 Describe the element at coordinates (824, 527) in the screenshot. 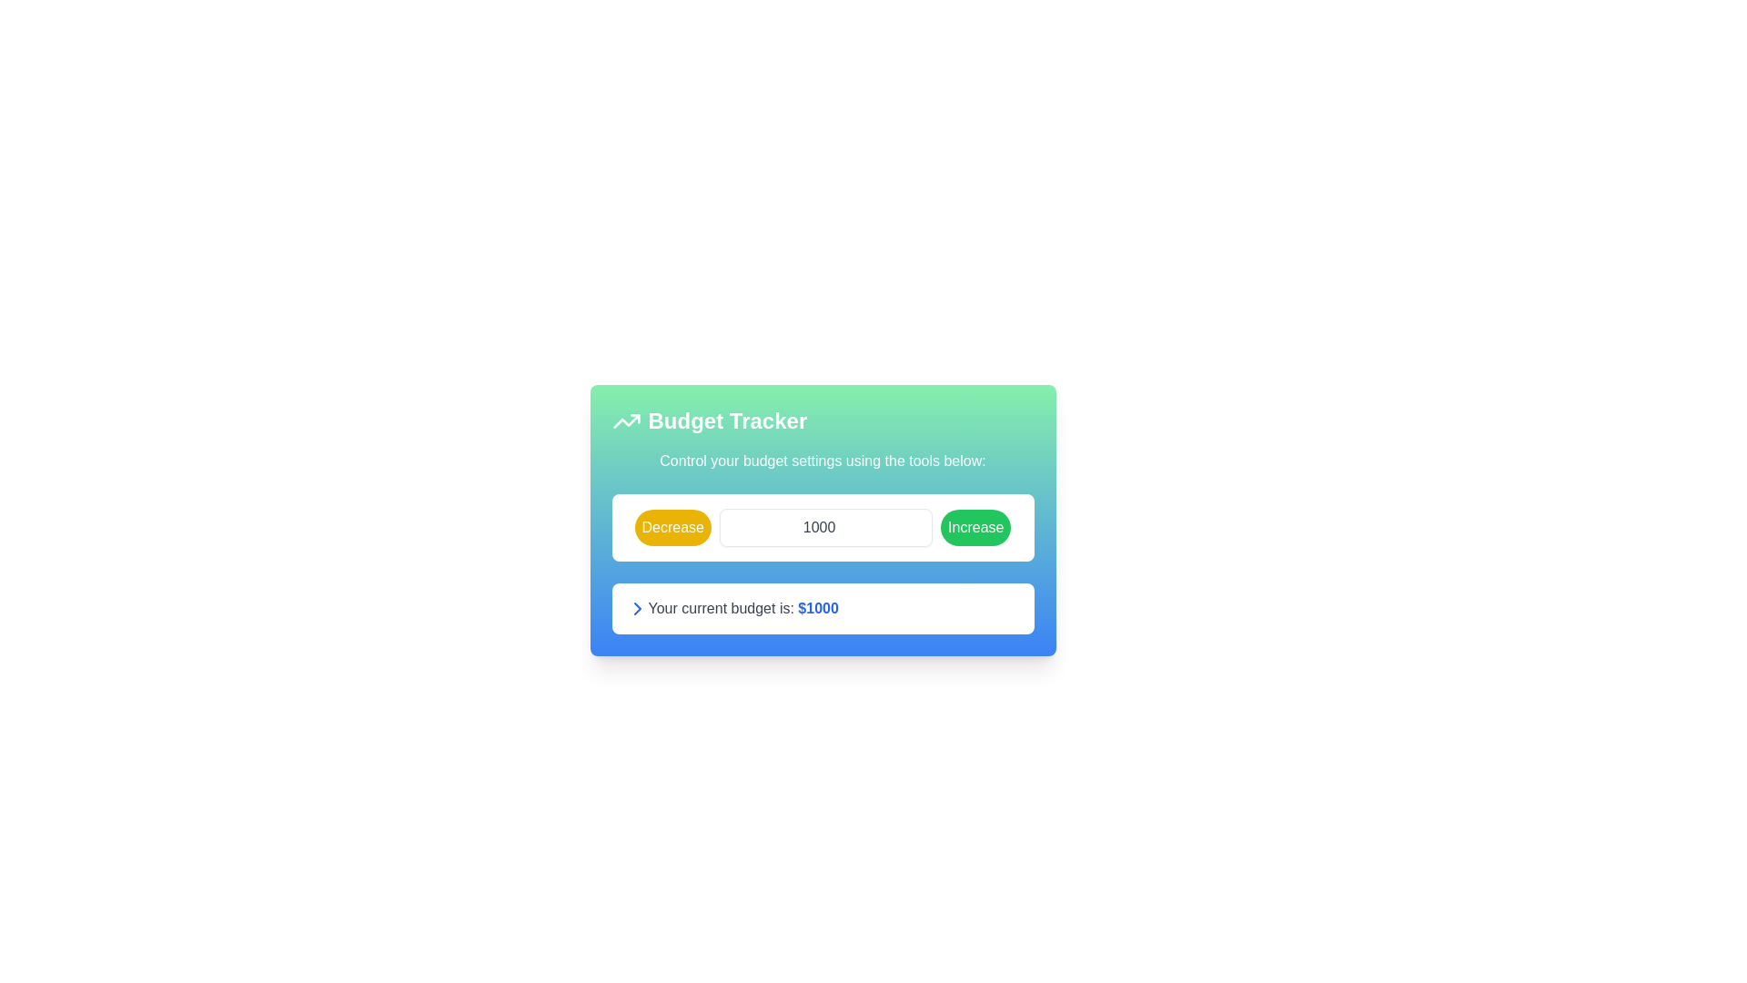

I see `the Numeric Input Field with the value '1000' to focus it` at that location.